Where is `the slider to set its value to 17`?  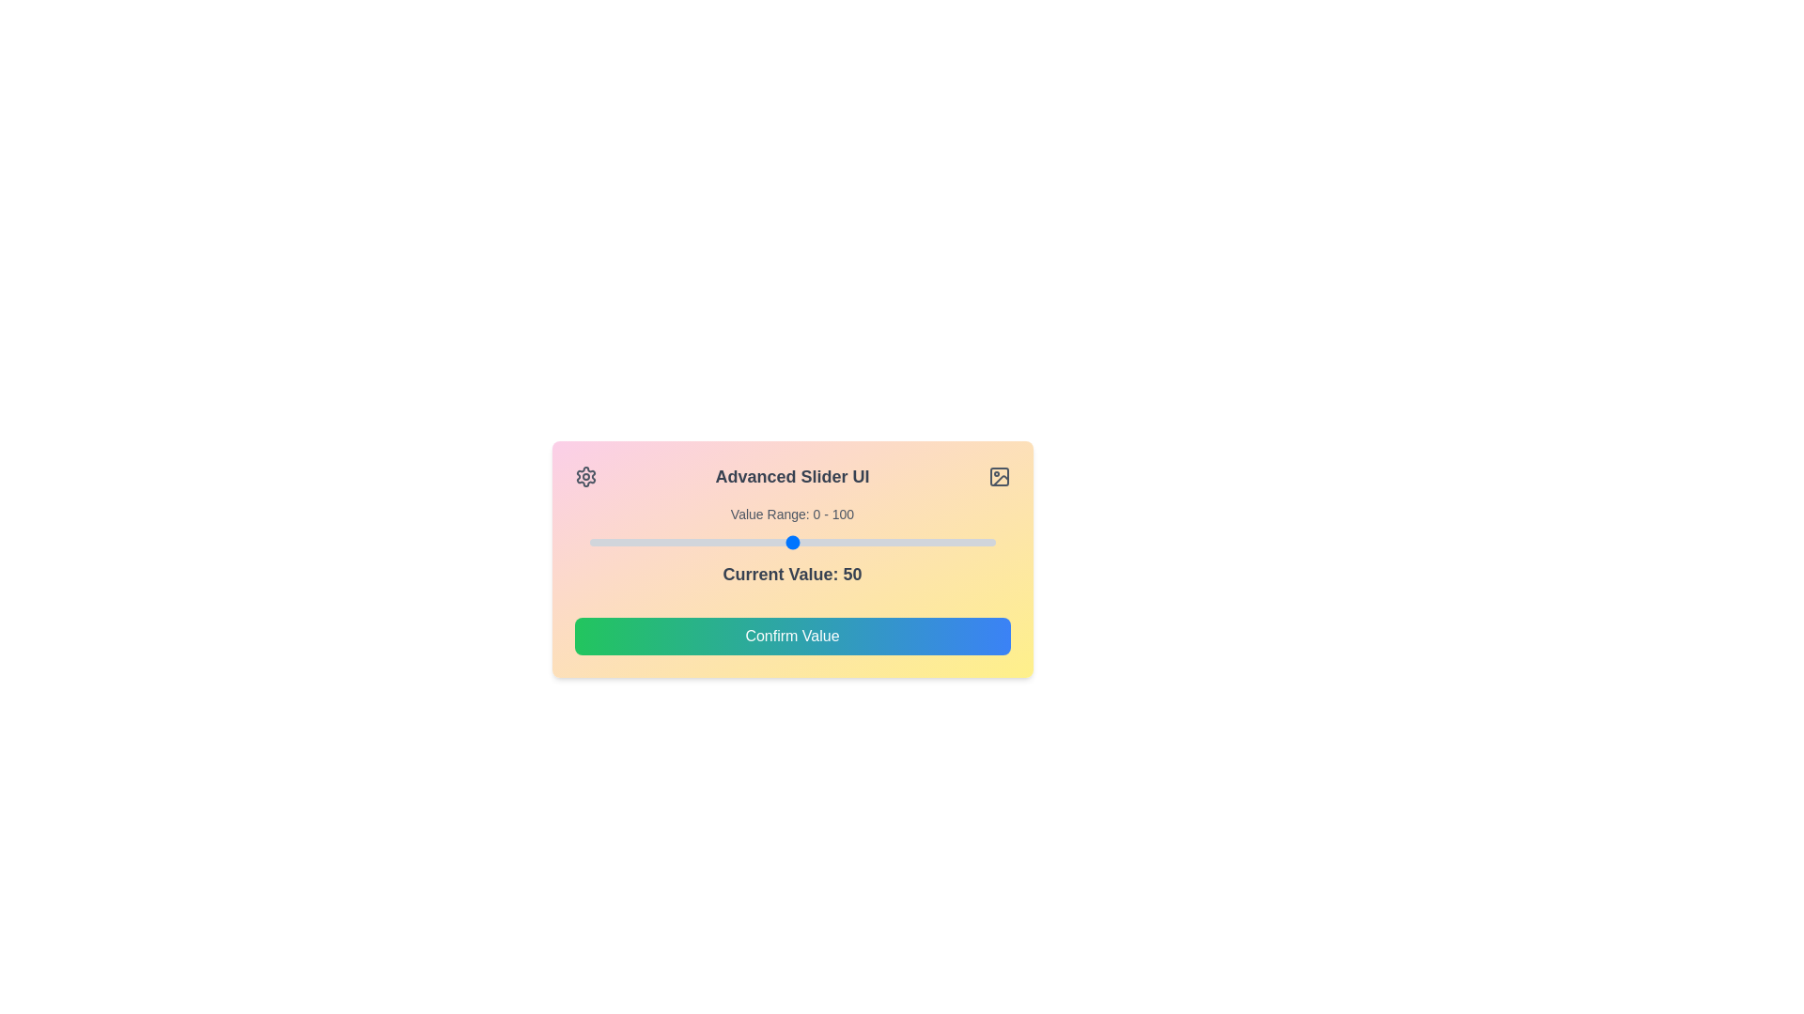 the slider to set its value to 17 is located at coordinates (658, 543).